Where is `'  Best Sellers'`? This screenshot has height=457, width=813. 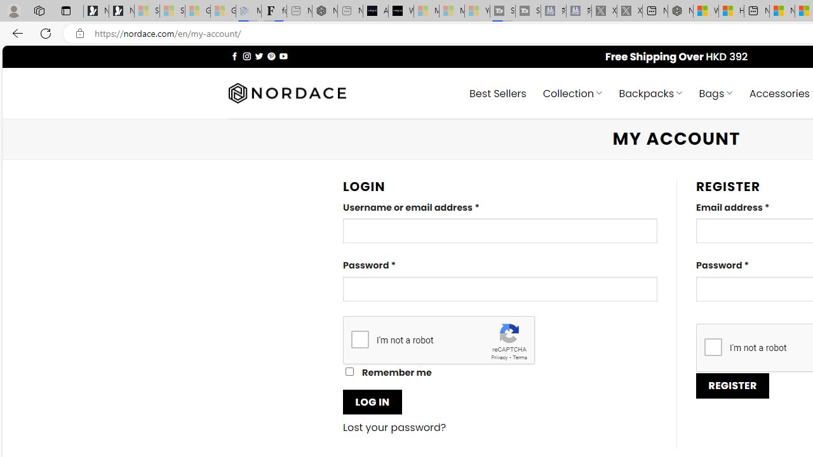
'  Best Sellers' is located at coordinates (497, 92).